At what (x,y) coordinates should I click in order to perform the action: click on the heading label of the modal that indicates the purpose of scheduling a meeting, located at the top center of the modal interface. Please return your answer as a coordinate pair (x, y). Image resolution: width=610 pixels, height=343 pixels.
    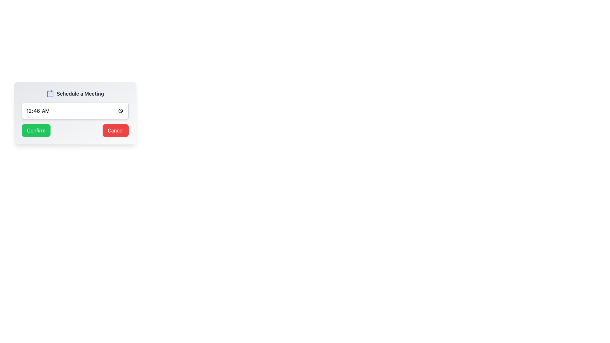
    Looking at the image, I should click on (75, 93).